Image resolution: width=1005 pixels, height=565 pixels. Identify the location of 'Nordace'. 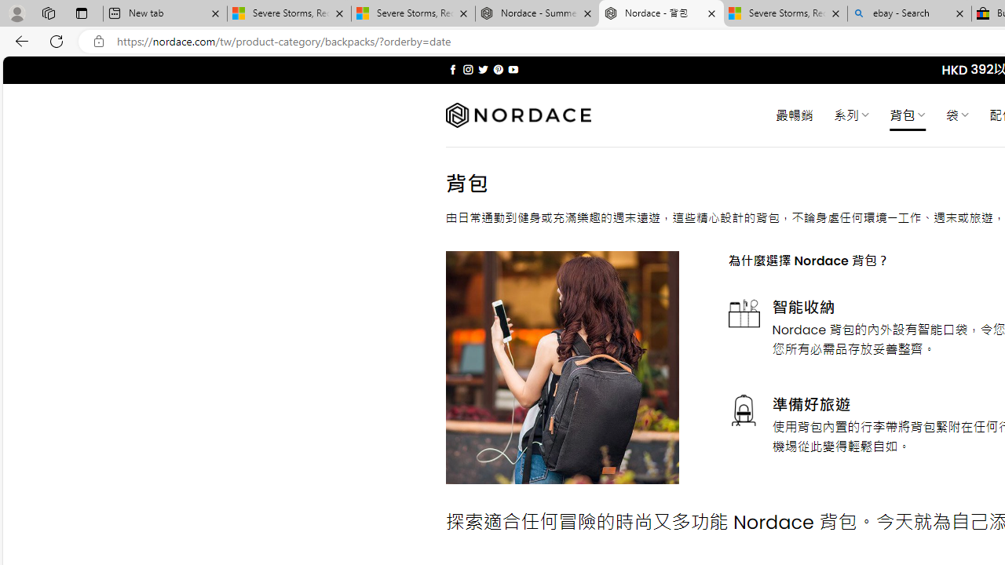
(517, 115).